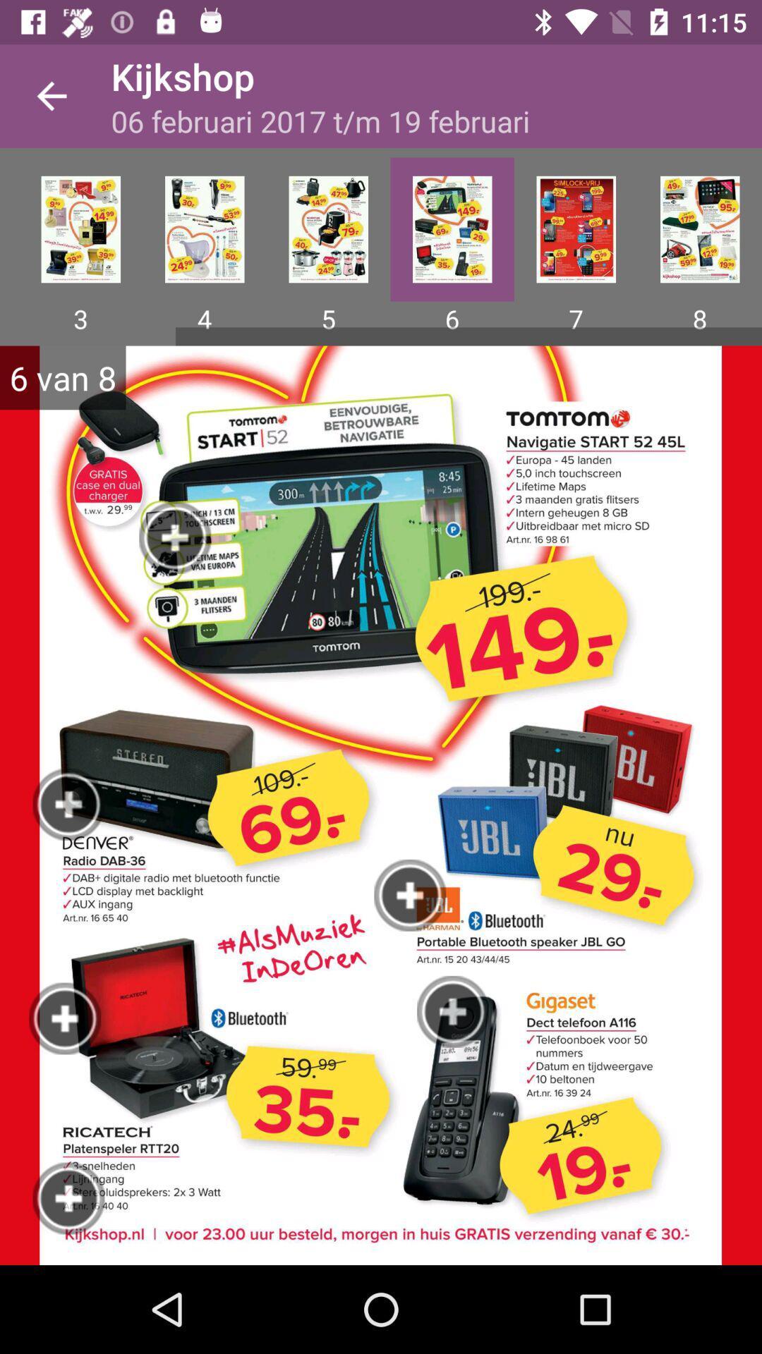 This screenshot has width=762, height=1354. What do you see at coordinates (328, 229) in the screenshot?
I see `the book icon` at bounding box center [328, 229].